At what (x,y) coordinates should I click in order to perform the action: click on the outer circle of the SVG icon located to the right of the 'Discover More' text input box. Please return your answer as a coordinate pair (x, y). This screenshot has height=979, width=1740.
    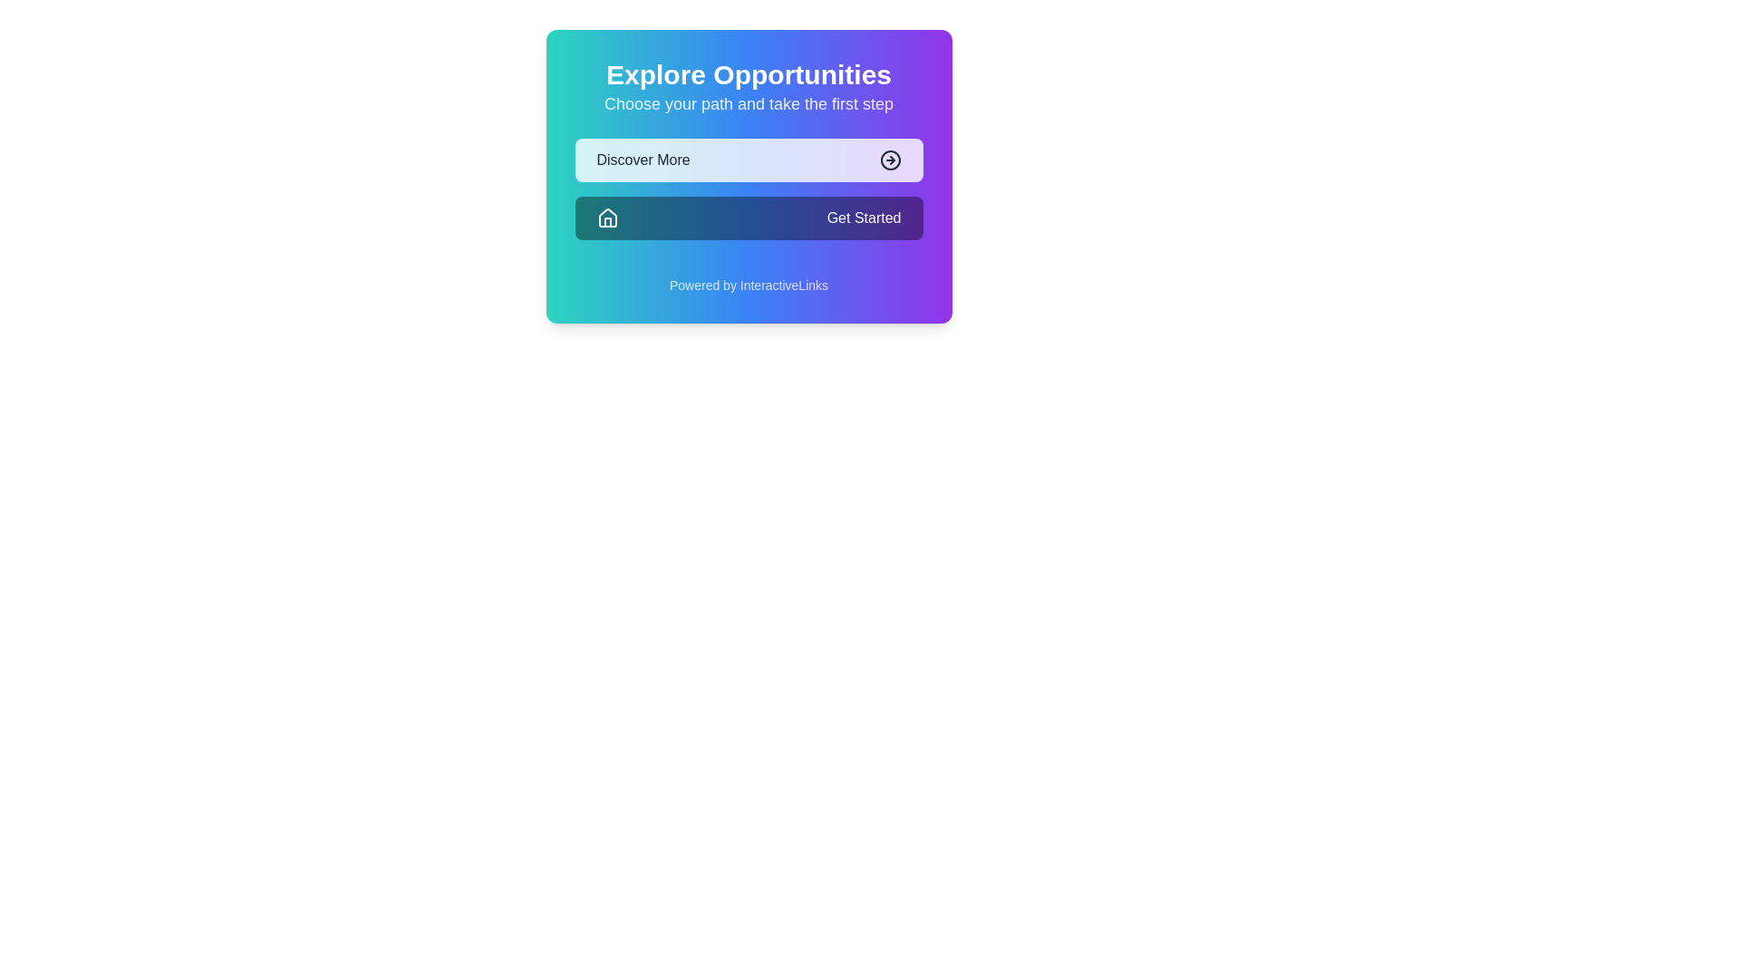
    Looking at the image, I should click on (890, 160).